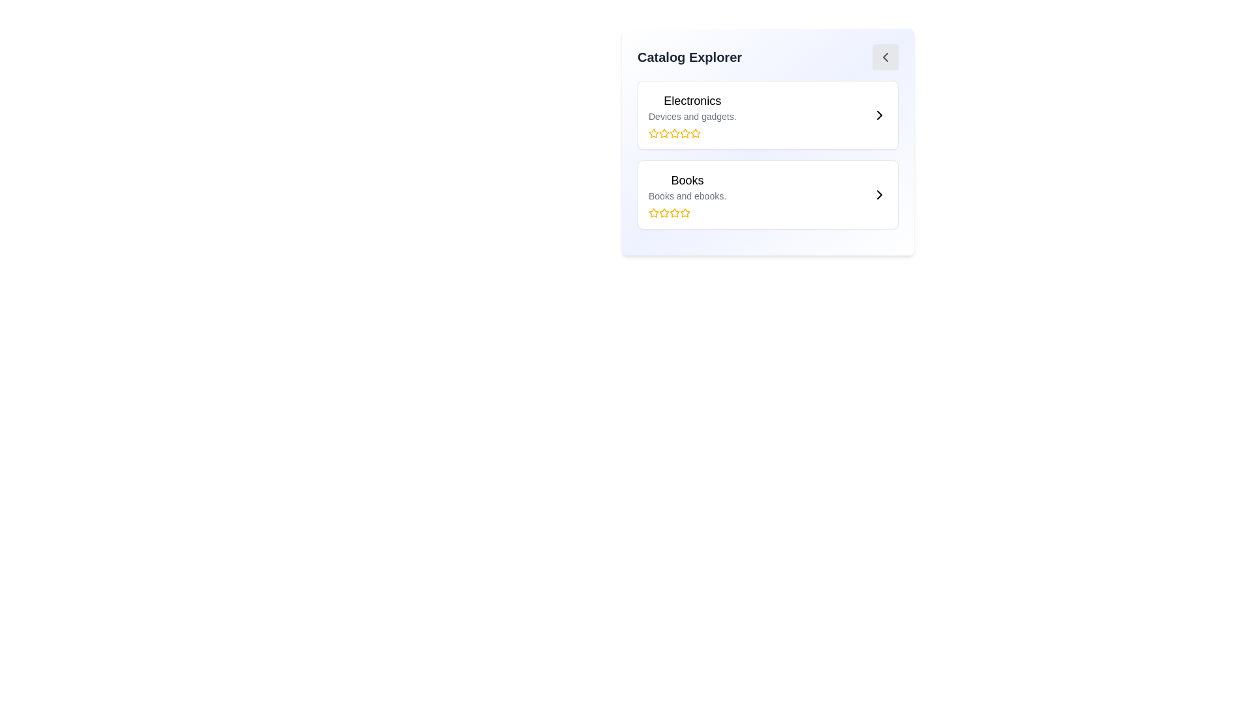 The width and height of the screenshot is (1253, 704). I want to click on the selectable card labeled 'Electronics', which is the first item in a vertically stacked list of options, so click(767, 115).